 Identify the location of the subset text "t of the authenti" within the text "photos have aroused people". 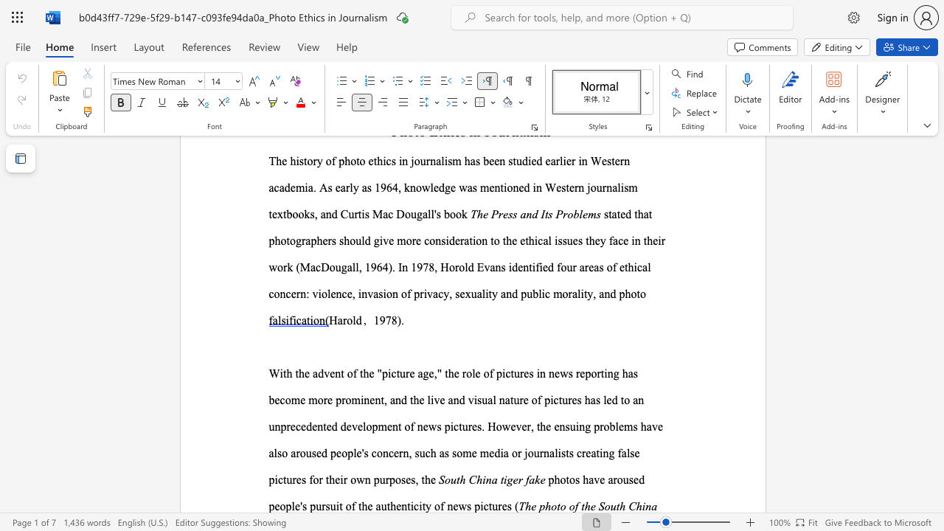
(339, 505).